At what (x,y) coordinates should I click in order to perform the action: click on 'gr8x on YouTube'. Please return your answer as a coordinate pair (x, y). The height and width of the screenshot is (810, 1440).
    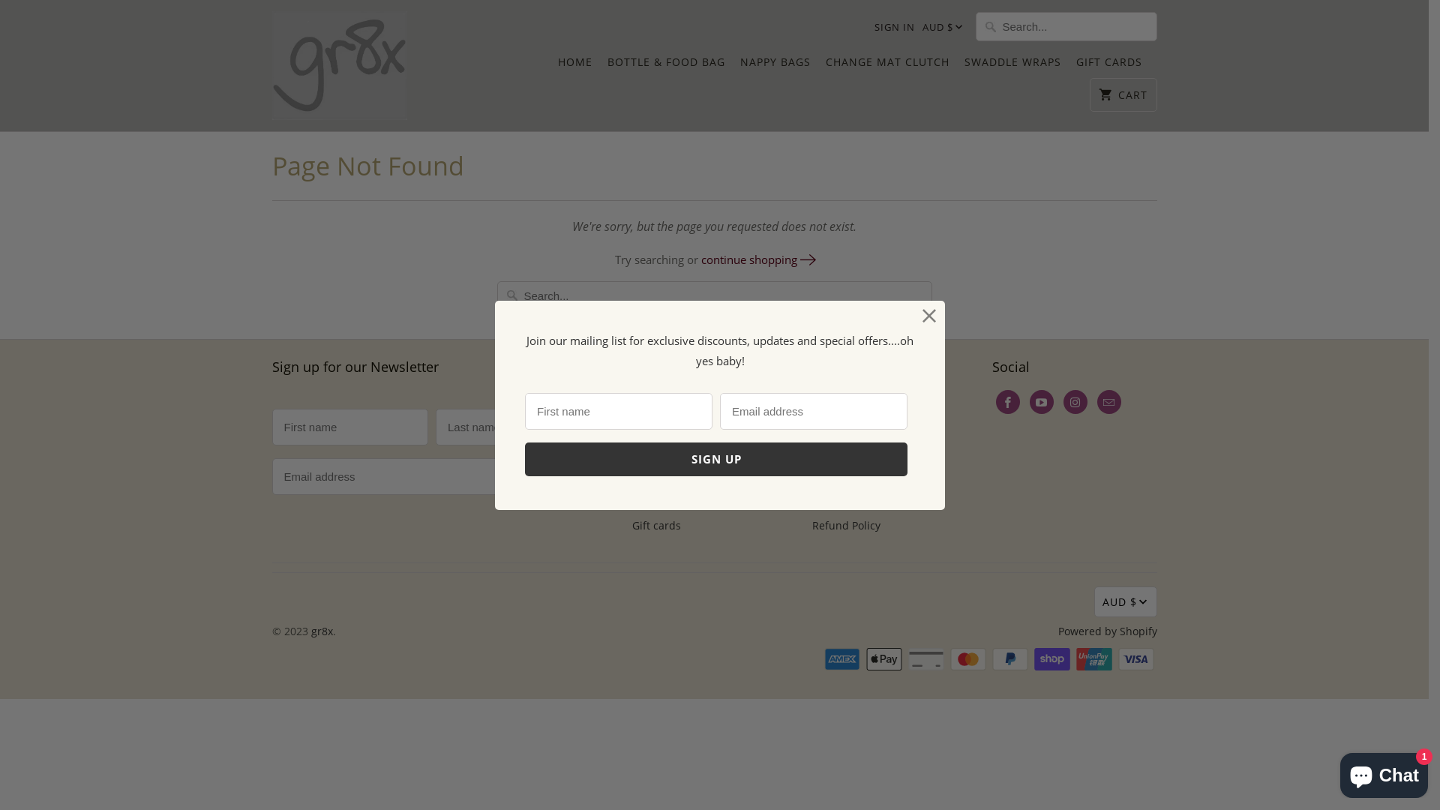
    Looking at the image, I should click on (1039, 401).